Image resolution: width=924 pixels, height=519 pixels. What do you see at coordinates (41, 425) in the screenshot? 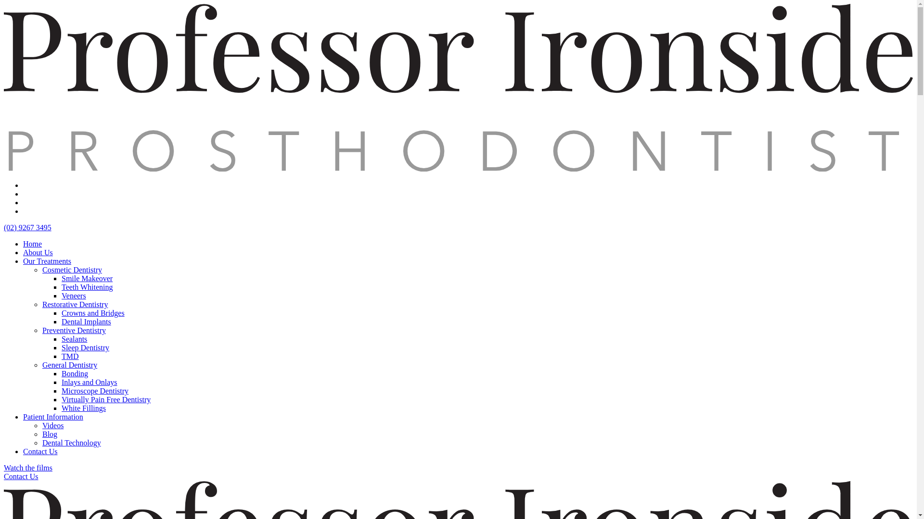
I see `'Videos'` at bounding box center [41, 425].